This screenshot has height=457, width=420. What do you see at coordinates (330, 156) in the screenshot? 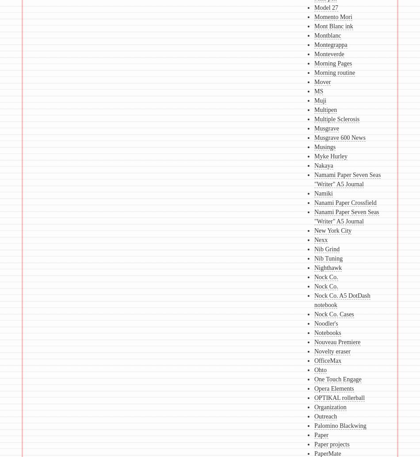
I see `'Myke Hurley'` at bounding box center [330, 156].